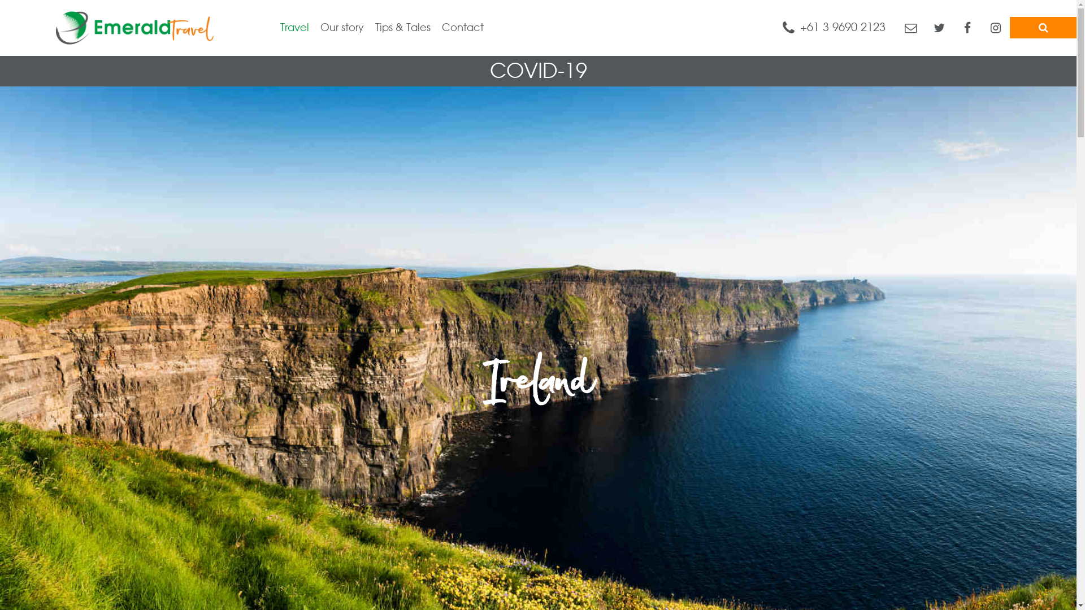 The height and width of the screenshot is (610, 1085). I want to click on 'COVID-19', so click(537, 71).